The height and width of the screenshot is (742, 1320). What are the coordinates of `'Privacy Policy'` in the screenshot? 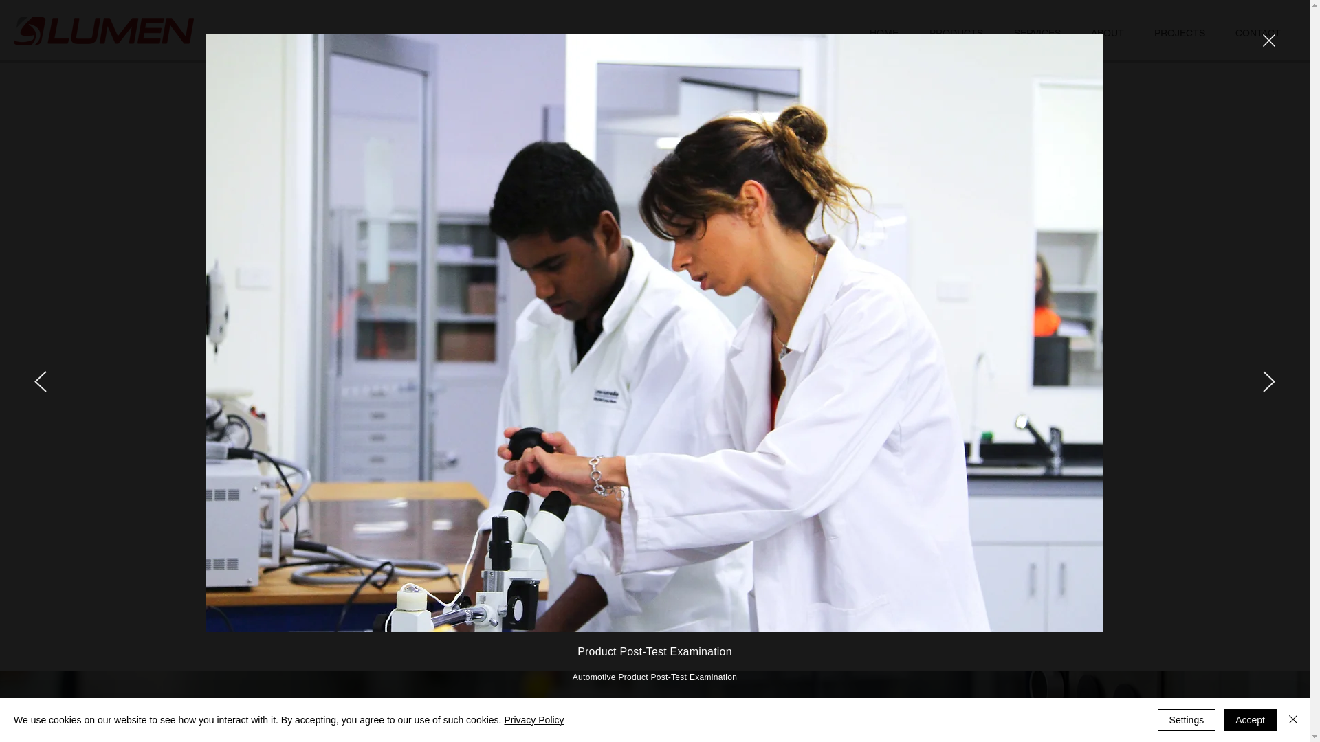 It's located at (533, 719).